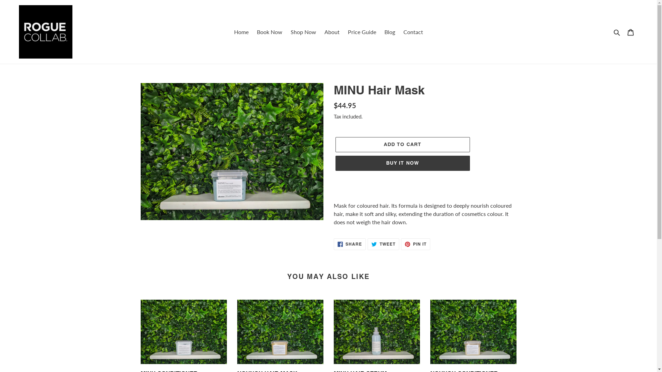 This screenshot has width=662, height=372. What do you see at coordinates (331, 32) in the screenshot?
I see `'About'` at bounding box center [331, 32].